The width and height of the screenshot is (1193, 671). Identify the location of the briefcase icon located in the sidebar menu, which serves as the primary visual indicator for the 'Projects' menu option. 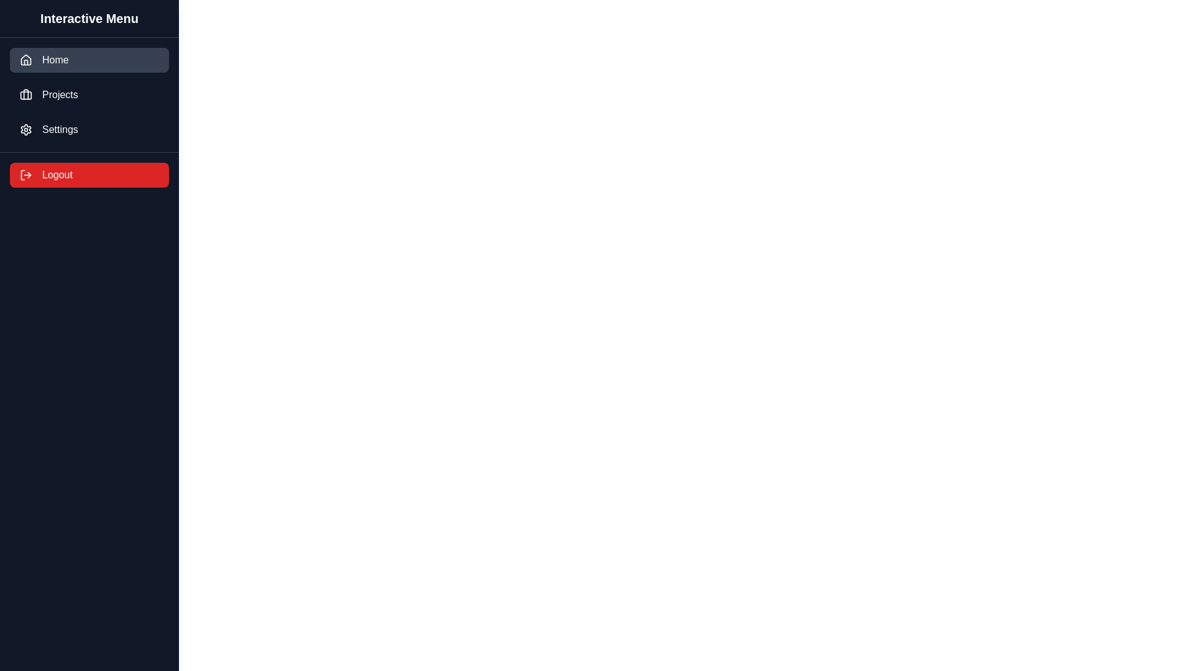
(26, 94).